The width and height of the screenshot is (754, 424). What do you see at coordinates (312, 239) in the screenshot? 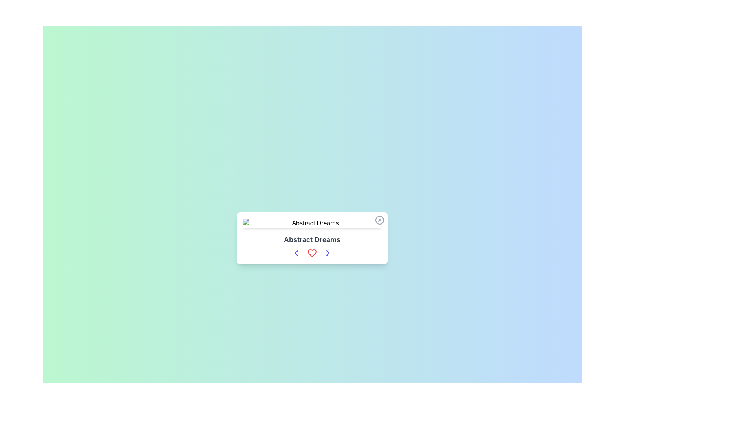
I see `the bold text label 'Abstract Dreams' which is styled prominently and located centrally above a row of interactive icons` at bounding box center [312, 239].